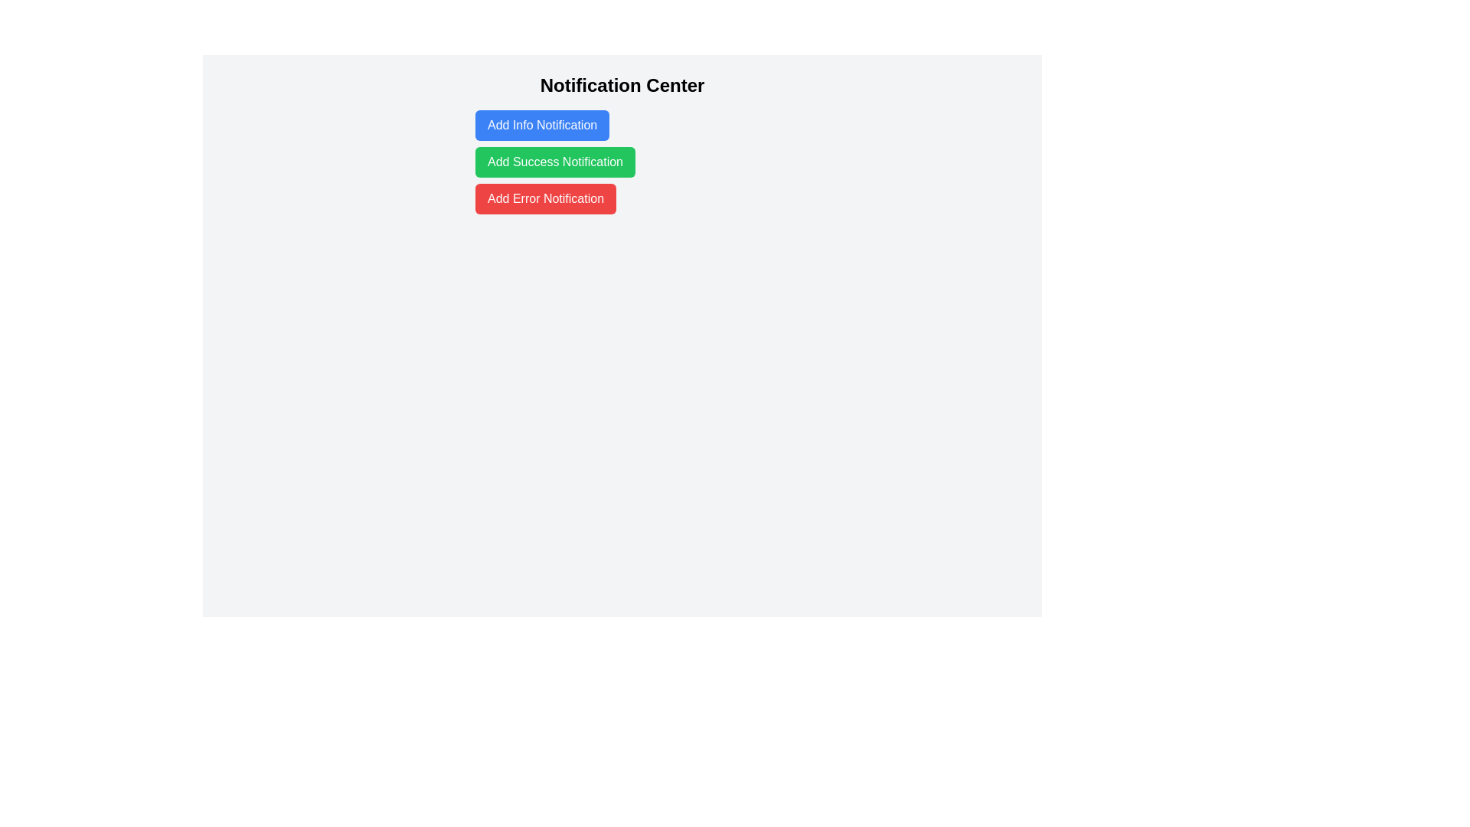 The height and width of the screenshot is (827, 1470). Describe the element at coordinates (622, 85) in the screenshot. I see `the 'Notification Center' text label, which is prominently displayed in a bold, large font at the upper-center of the interface, serving as the title for the section` at that location.